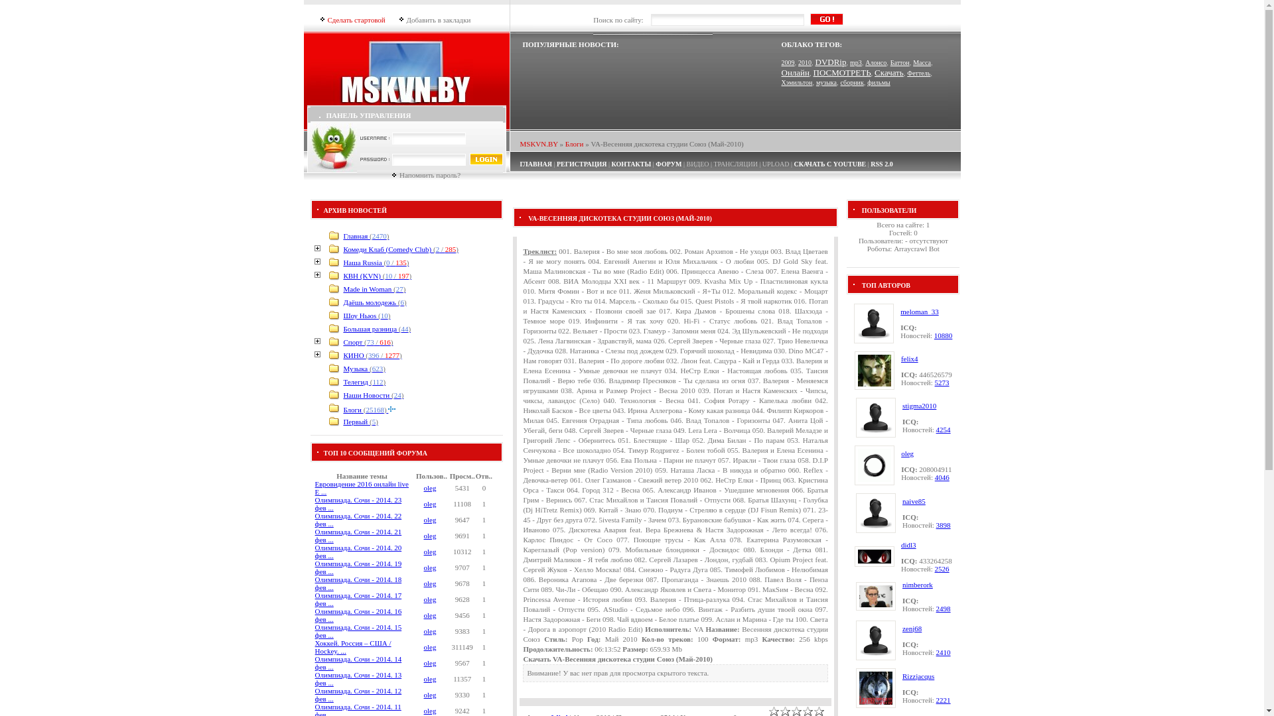 This screenshot has height=716, width=1274. What do you see at coordinates (911, 628) in the screenshot?
I see `'zenj68'` at bounding box center [911, 628].